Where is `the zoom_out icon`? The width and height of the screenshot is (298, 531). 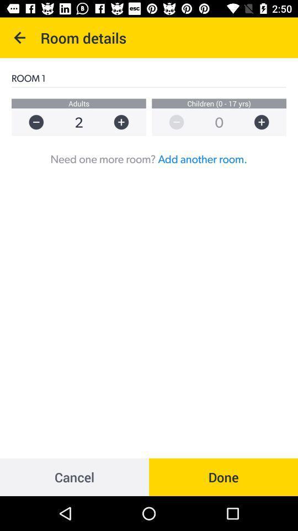 the zoom_out icon is located at coordinates (171, 122).